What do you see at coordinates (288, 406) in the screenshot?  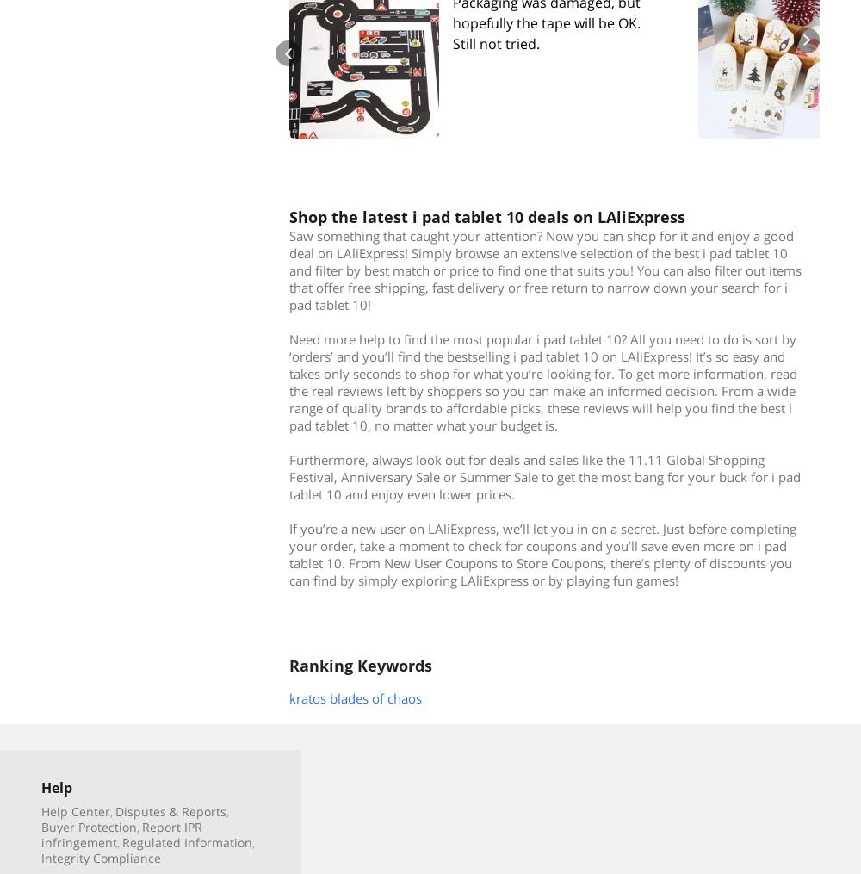 I see `'Saw something that caught your attention? Now you can shop for it and enjoy a good deal on LAliExpress! Simply browse an extensive selection of the best i pad tablet 10 and filter by best match or price to find one that suits you! You can also filter out items that offer free shipping, fast delivery or free return to narrow down your search for i pad tablet 10!

Need more help to find the most popular i pad tablet 10? All you need to do is sort by ‘orders’ and you’ll find the bestselling i pad tablet 10 on LAliExpress! It’s so easy and takes only seconds to shop for what you’re looking for. To get more information, read the real reviews left by shoppers so you can make an informed decision. From a wide range of quality brands to affordable picks, these reviews will help you find the best i pad tablet 10, no matter what your budget is.

Furthermore, always look out for deals and sales like the 11.11 Global Shopping Festival, Anniversary Sale or Summer Sale to get the most bang for your buck for i pad tablet 10 and enjoy even lower prices.

If you’re a new user on LAliExpress, we’ll let you in on a secret. Just before completing your order, take a moment to check for coupons and you’ll save even more on i pad tablet 10. From New User Coupons to Store Coupons, there’s plenty of discounts you can find by simply exploring LAliExpress or by playing fun games!'` at bounding box center [288, 406].